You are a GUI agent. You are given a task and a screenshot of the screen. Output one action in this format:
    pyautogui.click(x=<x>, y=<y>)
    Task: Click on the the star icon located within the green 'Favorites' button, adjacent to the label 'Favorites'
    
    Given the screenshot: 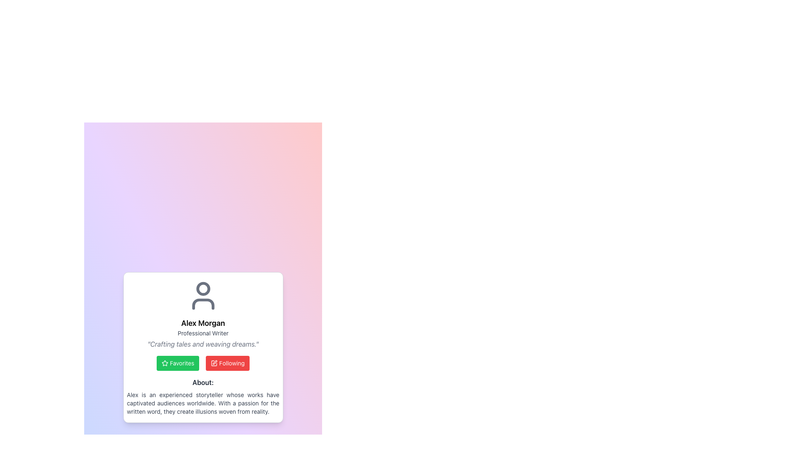 What is the action you would take?
    pyautogui.click(x=165, y=362)
    